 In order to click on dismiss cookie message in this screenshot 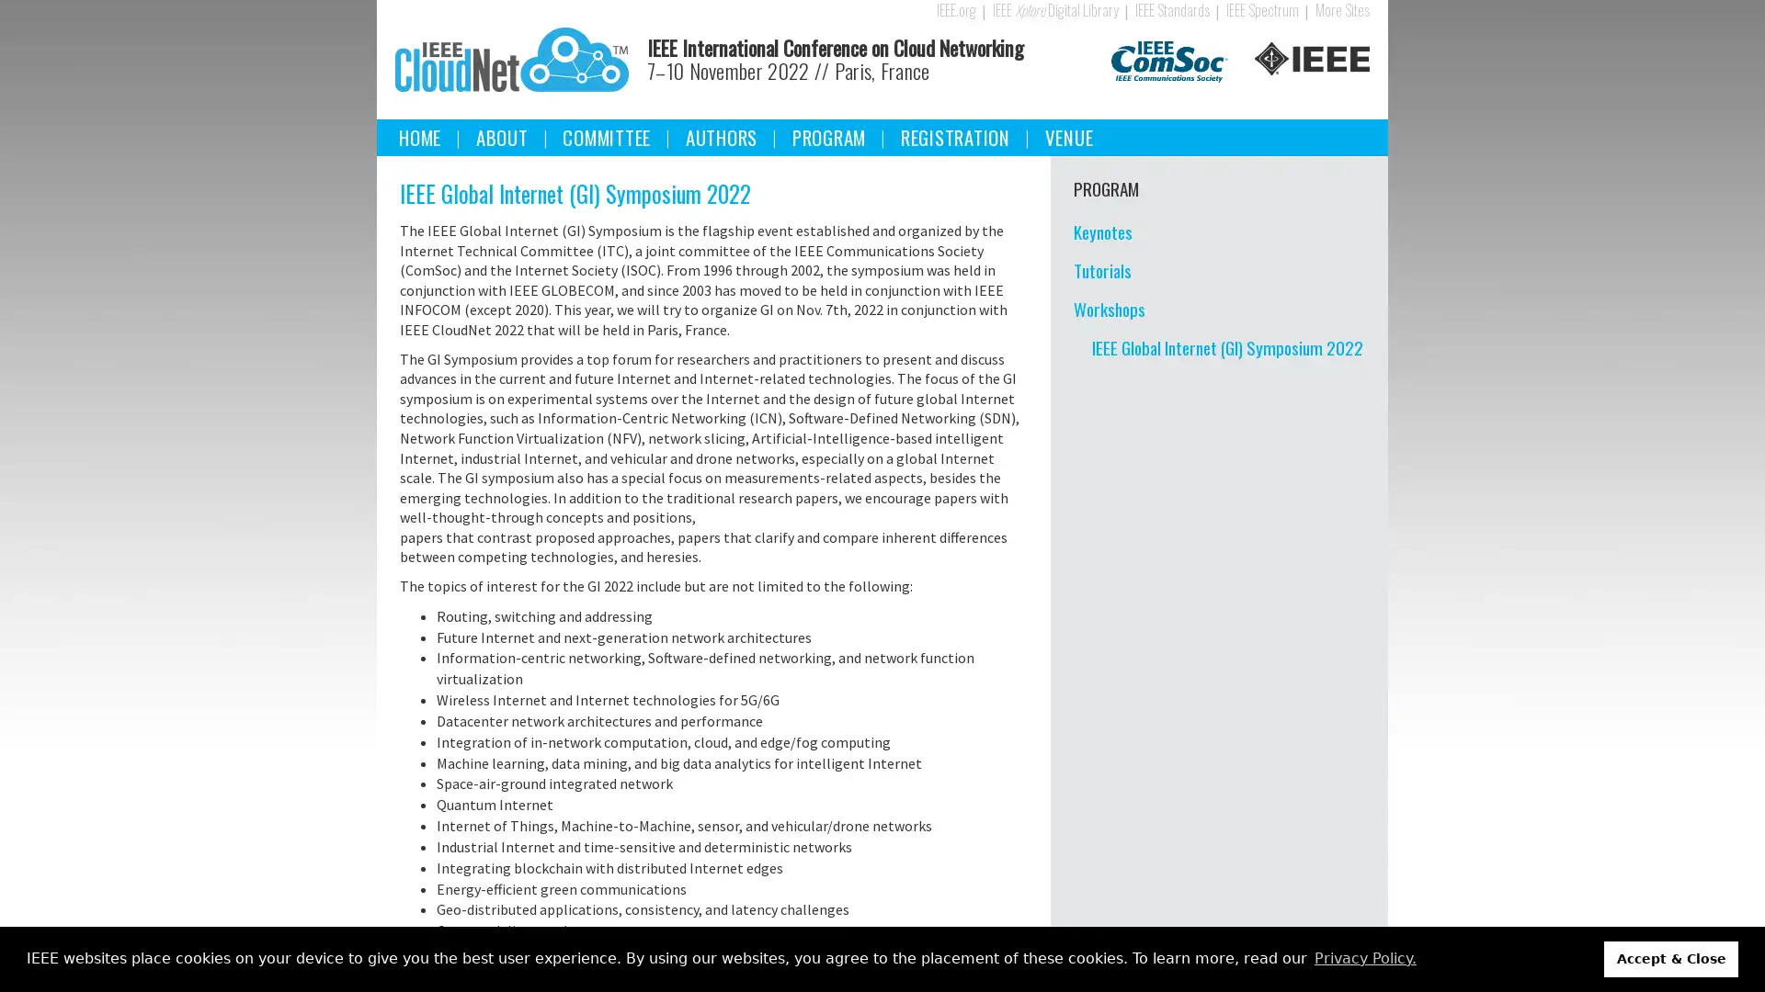, I will do `click(1671, 958)`.